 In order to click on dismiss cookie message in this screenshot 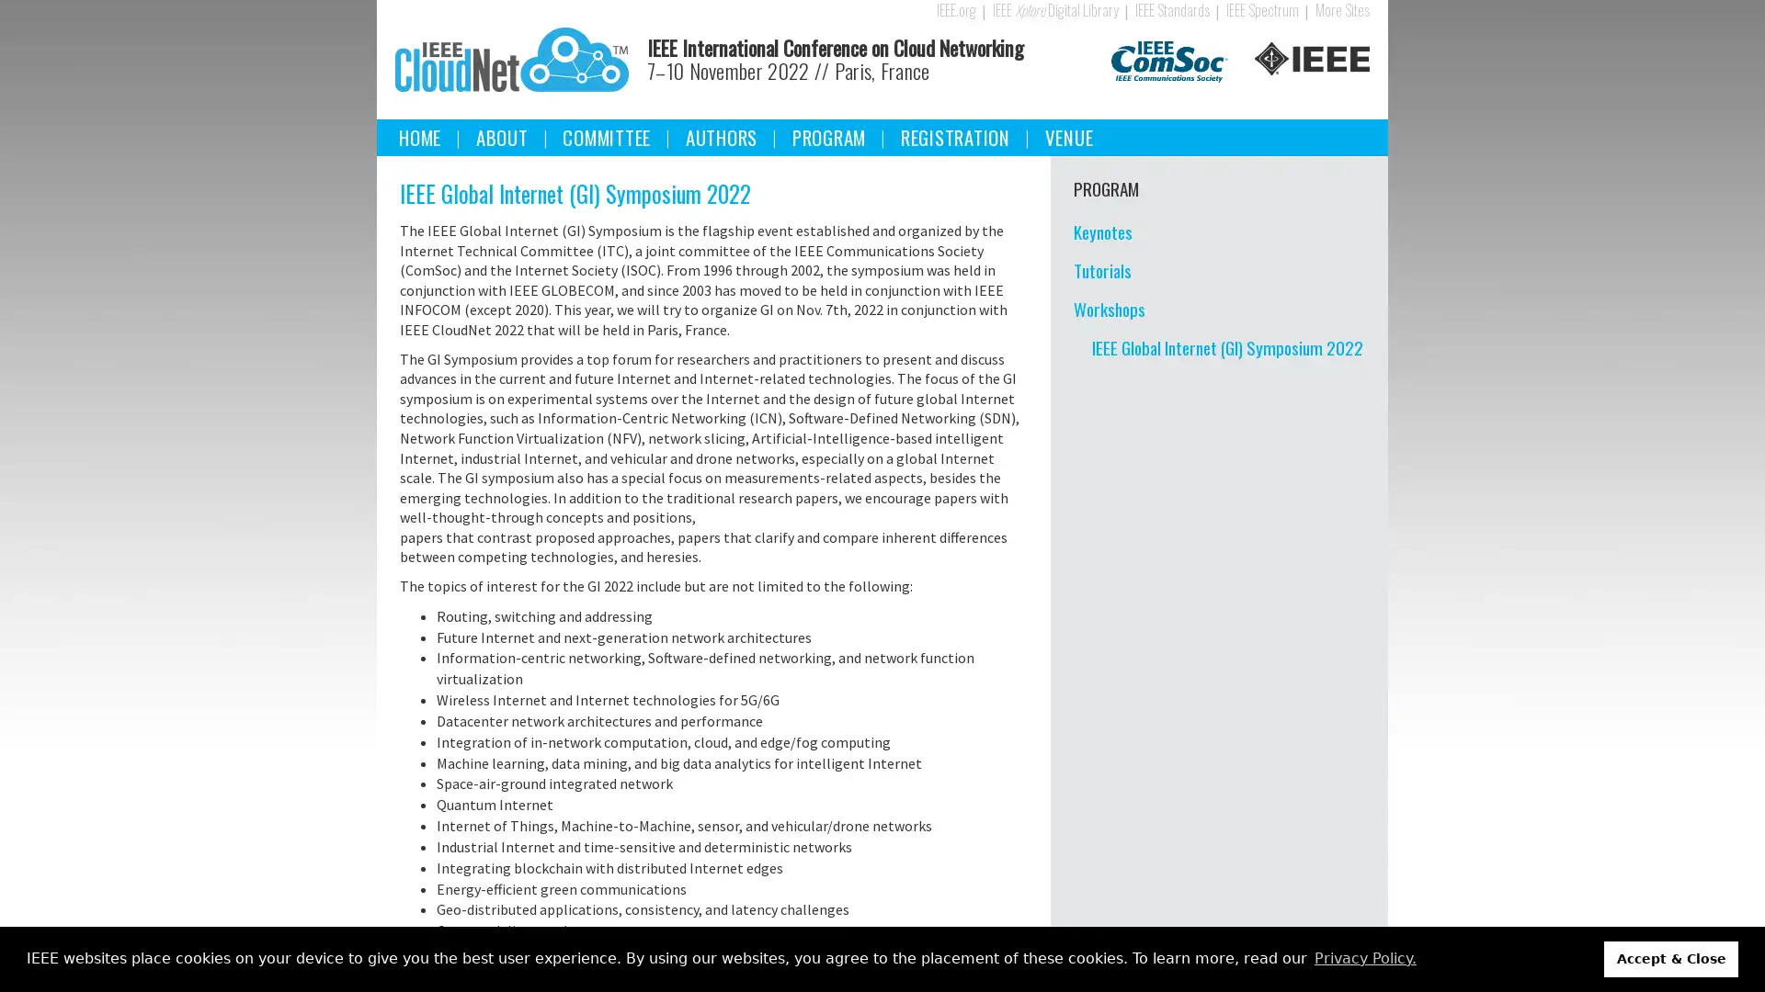, I will do `click(1671, 958)`.